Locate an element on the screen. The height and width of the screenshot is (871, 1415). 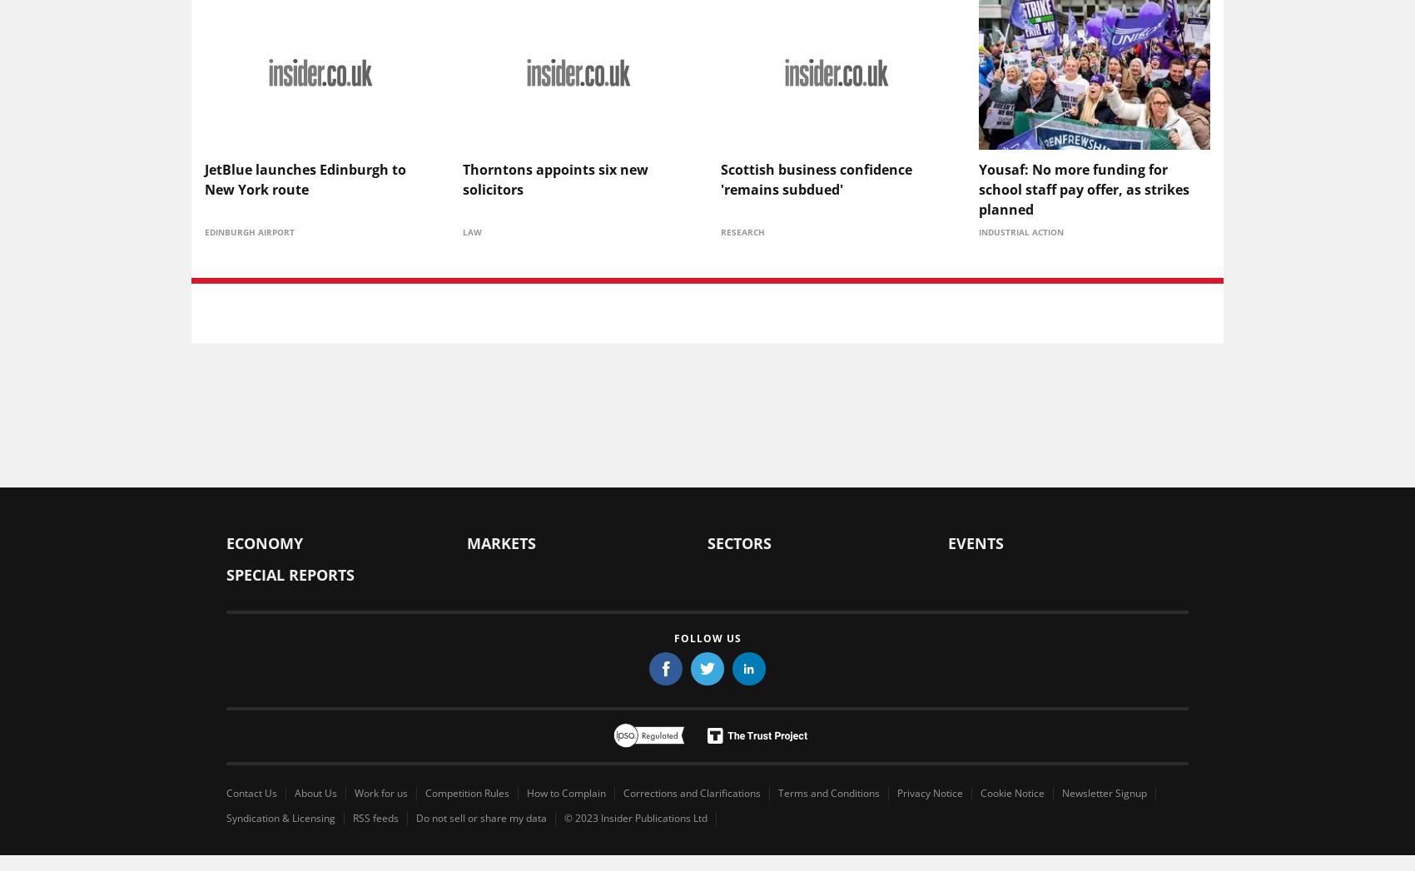
'Markets' is located at coordinates (500, 542).